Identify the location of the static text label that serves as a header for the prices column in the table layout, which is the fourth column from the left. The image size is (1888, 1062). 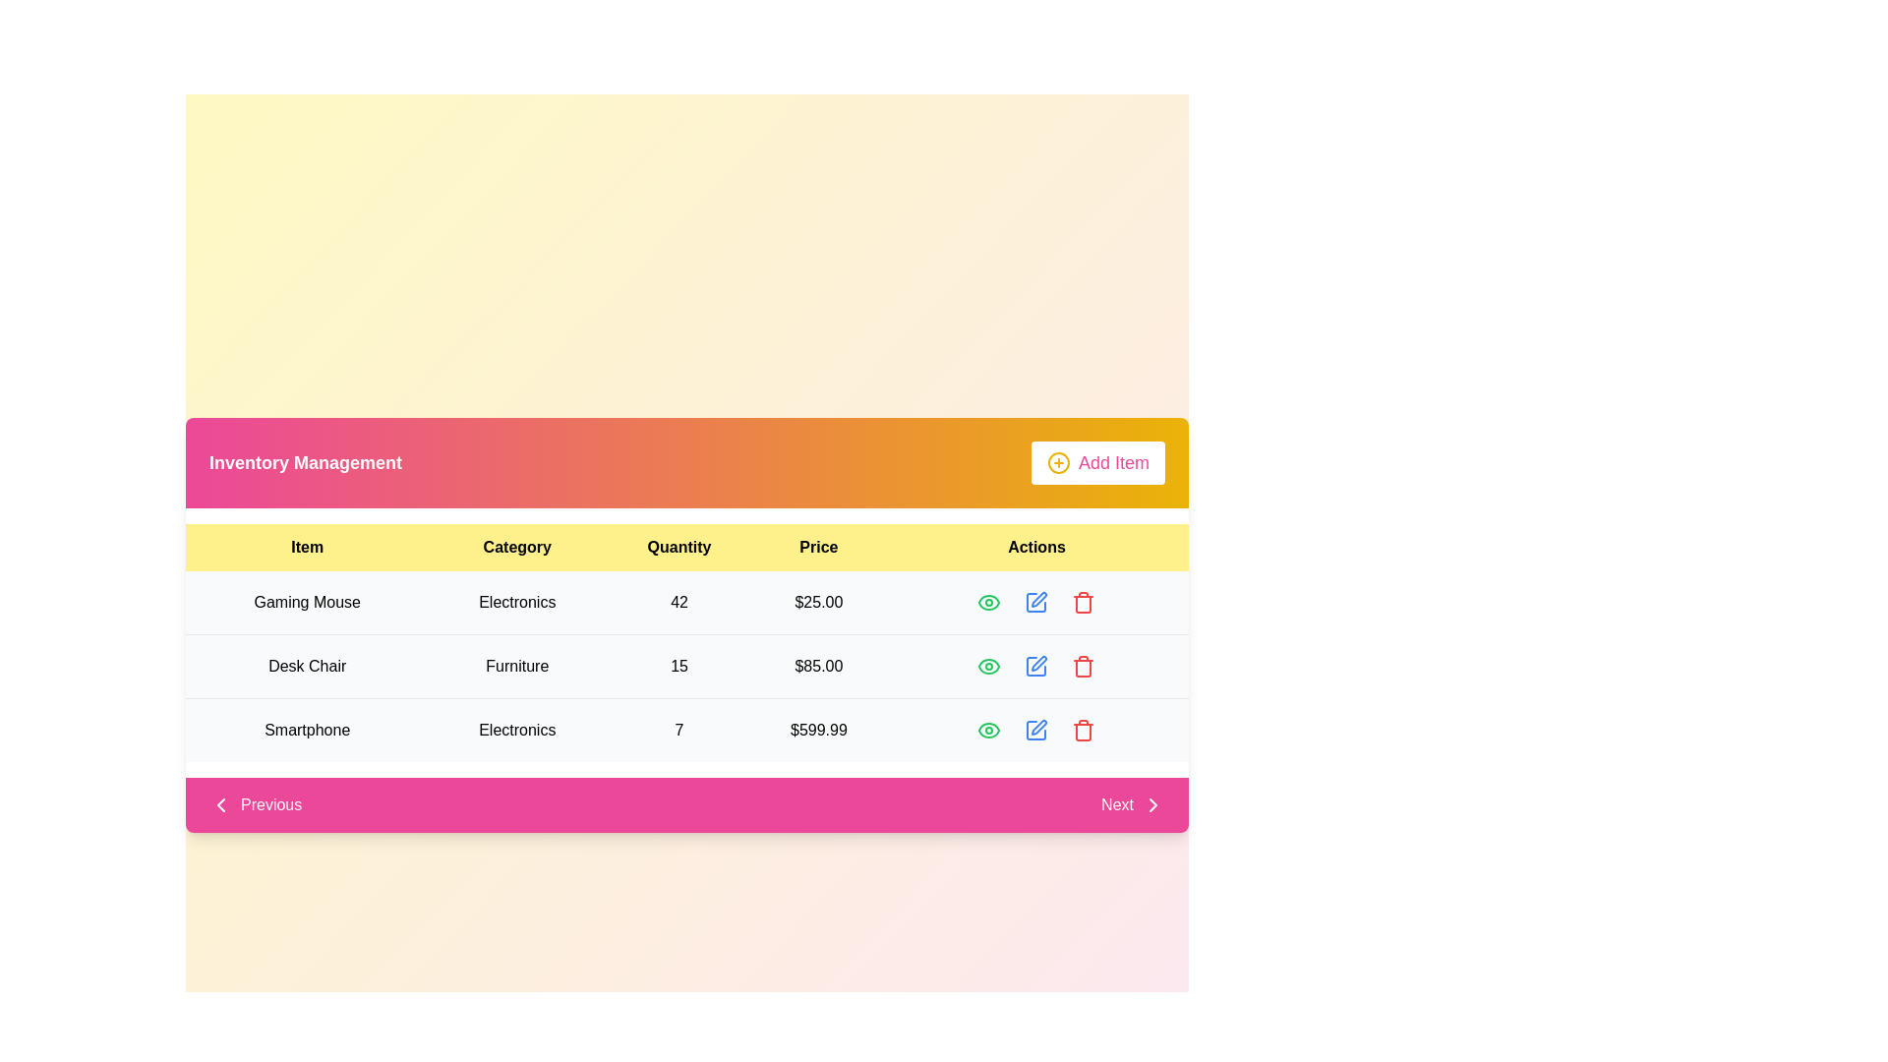
(818, 547).